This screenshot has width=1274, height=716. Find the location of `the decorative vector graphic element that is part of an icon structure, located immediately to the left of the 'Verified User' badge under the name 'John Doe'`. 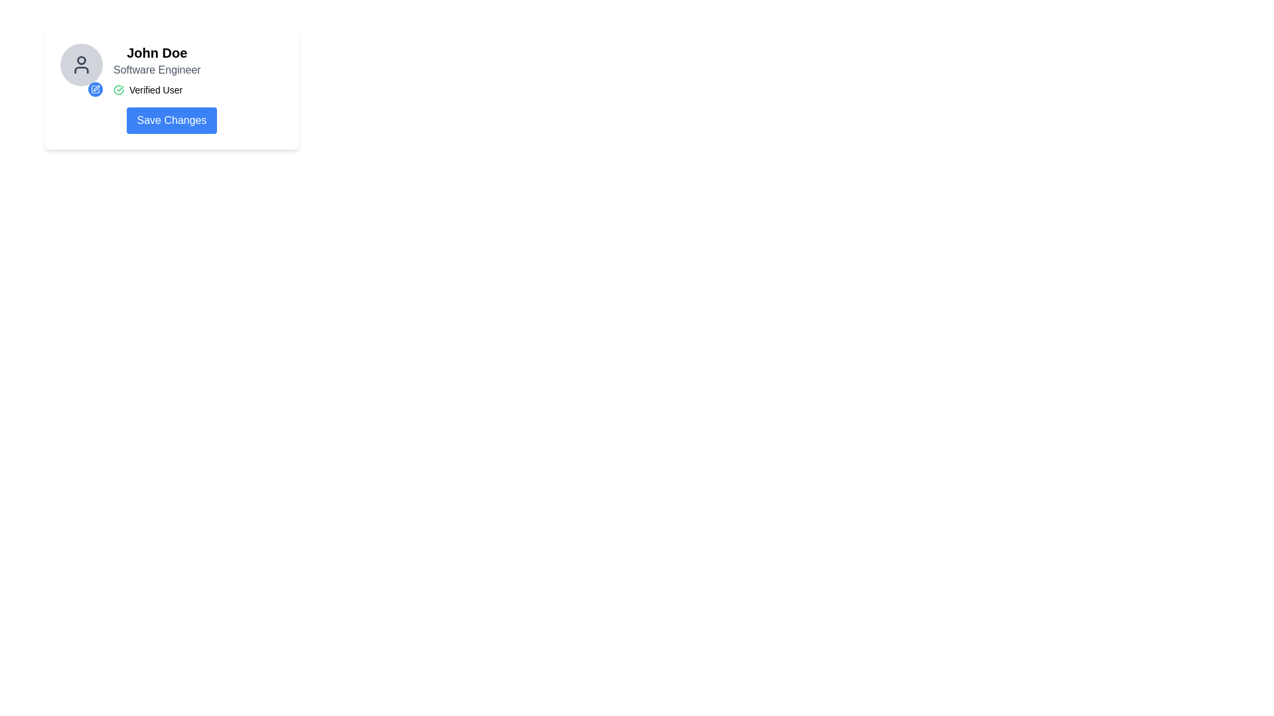

the decorative vector graphic element that is part of an icon structure, located immediately to the left of the 'Verified User' badge under the name 'John Doe' is located at coordinates (95, 89).